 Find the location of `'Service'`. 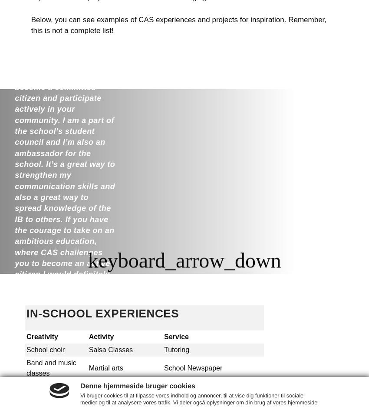

'Service' is located at coordinates (176, 337).